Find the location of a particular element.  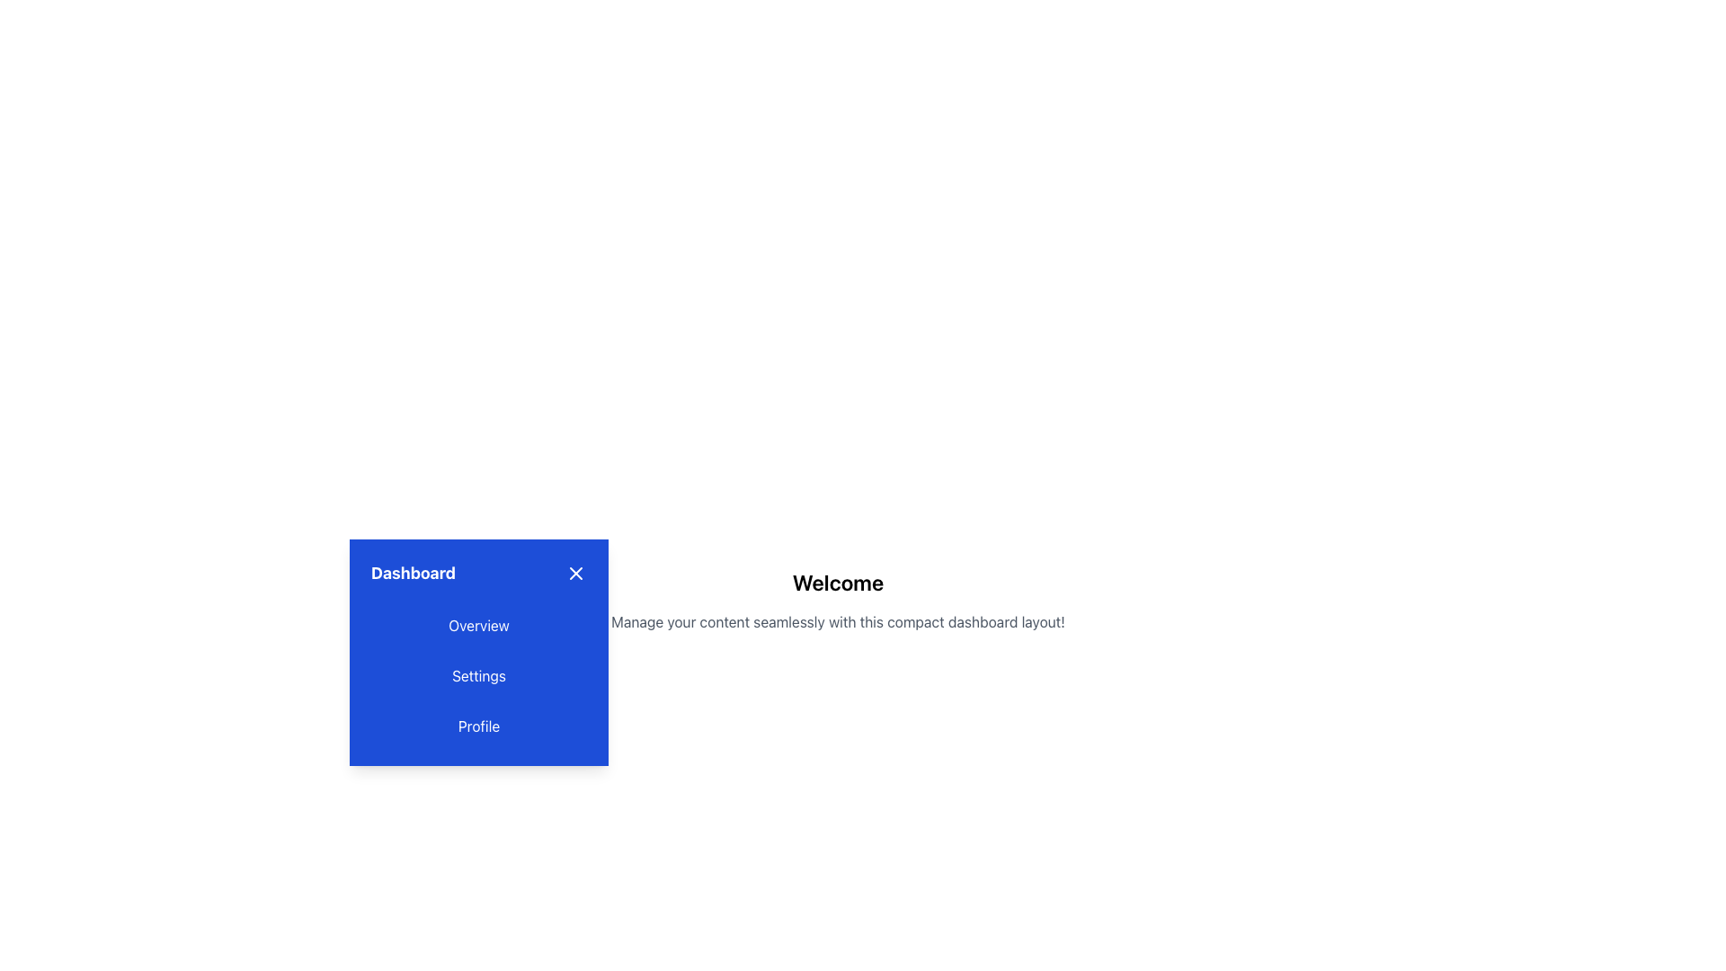

the descriptive Text label located to the right of the 'Overview' menu button and below the 'Welcome' title, which spans horizontally across the page is located at coordinates (837, 620).